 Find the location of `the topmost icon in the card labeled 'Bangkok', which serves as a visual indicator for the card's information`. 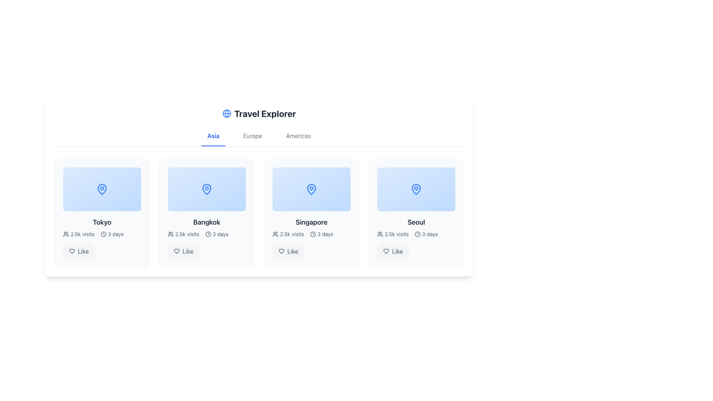

the topmost icon in the card labeled 'Bangkok', which serves as a visual indicator for the card's information is located at coordinates (206, 189).